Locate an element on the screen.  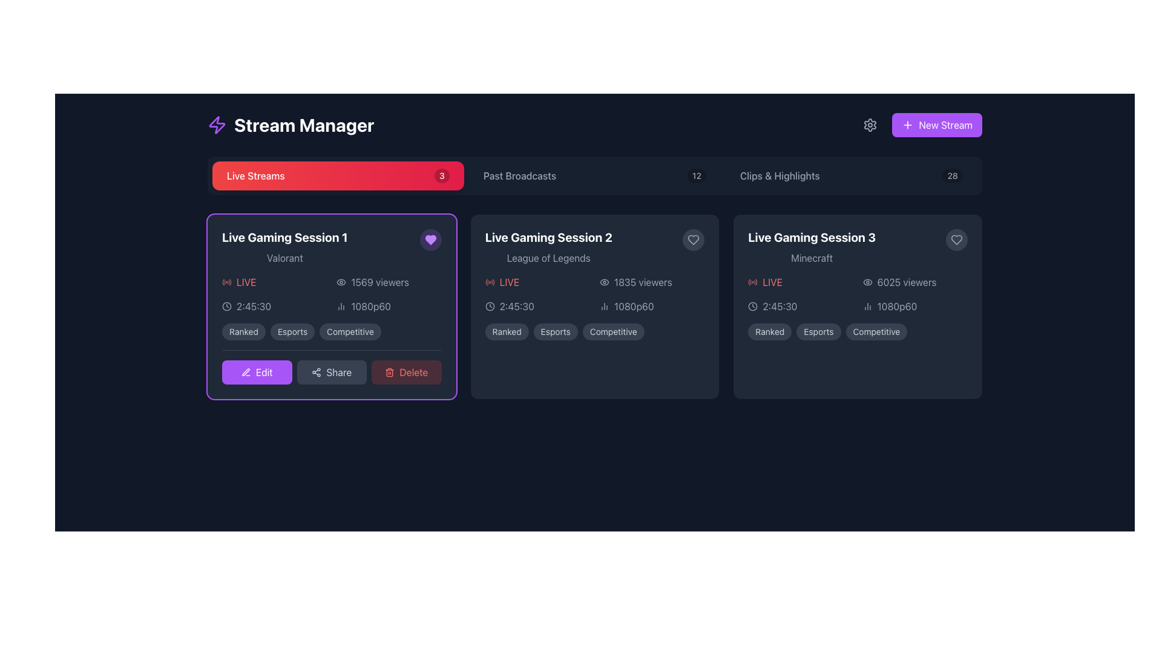
the viewer count text located on the right side of the eye icon within the 'Live Gaming Session 3' card is located at coordinates (907, 282).